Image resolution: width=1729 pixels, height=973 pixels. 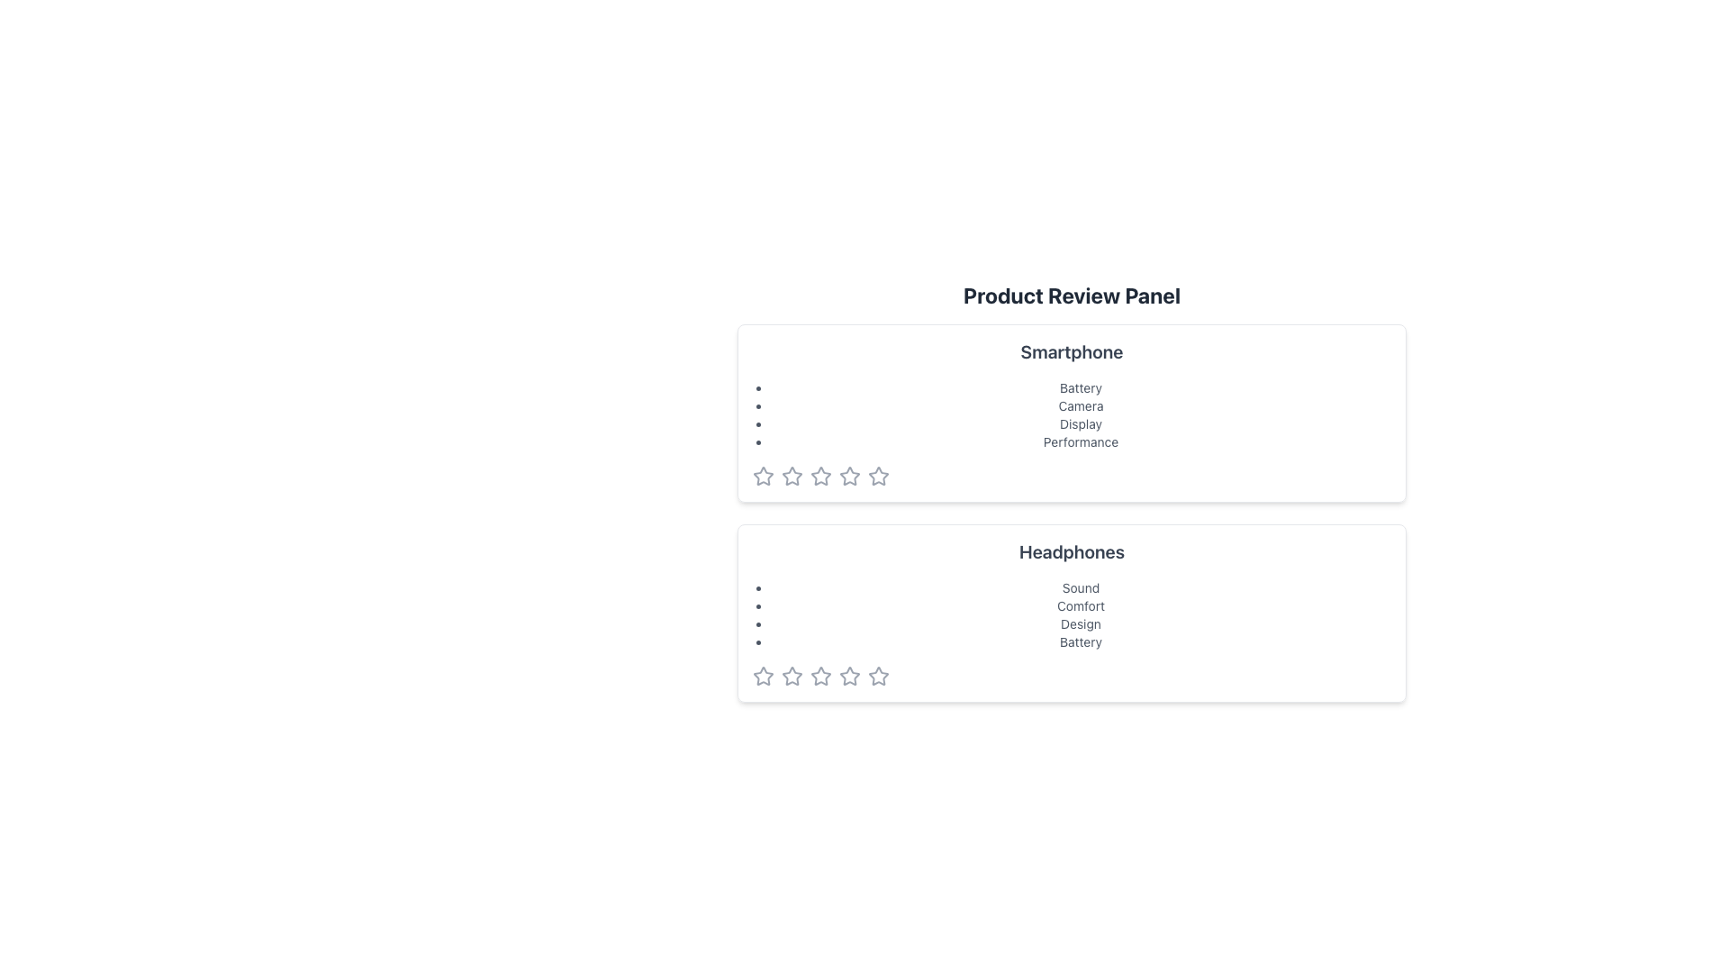 What do you see at coordinates (878, 475) in the screenshot?
I see `the fourth star icon in the rating system of the 'Smartphone' review section` at bounding box center [878, 475].